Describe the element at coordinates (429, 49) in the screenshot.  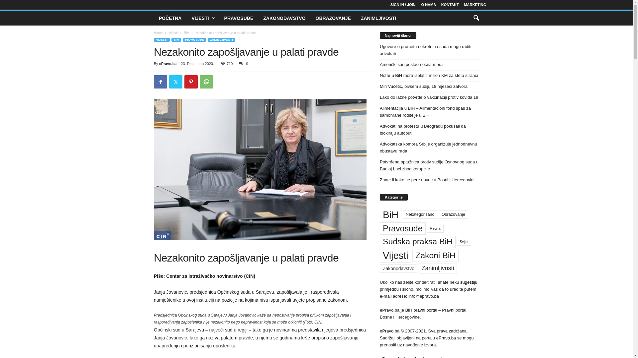
I see `'Ugovore o prometu nekretnina sada mogu raditi i advokati'` at that location.